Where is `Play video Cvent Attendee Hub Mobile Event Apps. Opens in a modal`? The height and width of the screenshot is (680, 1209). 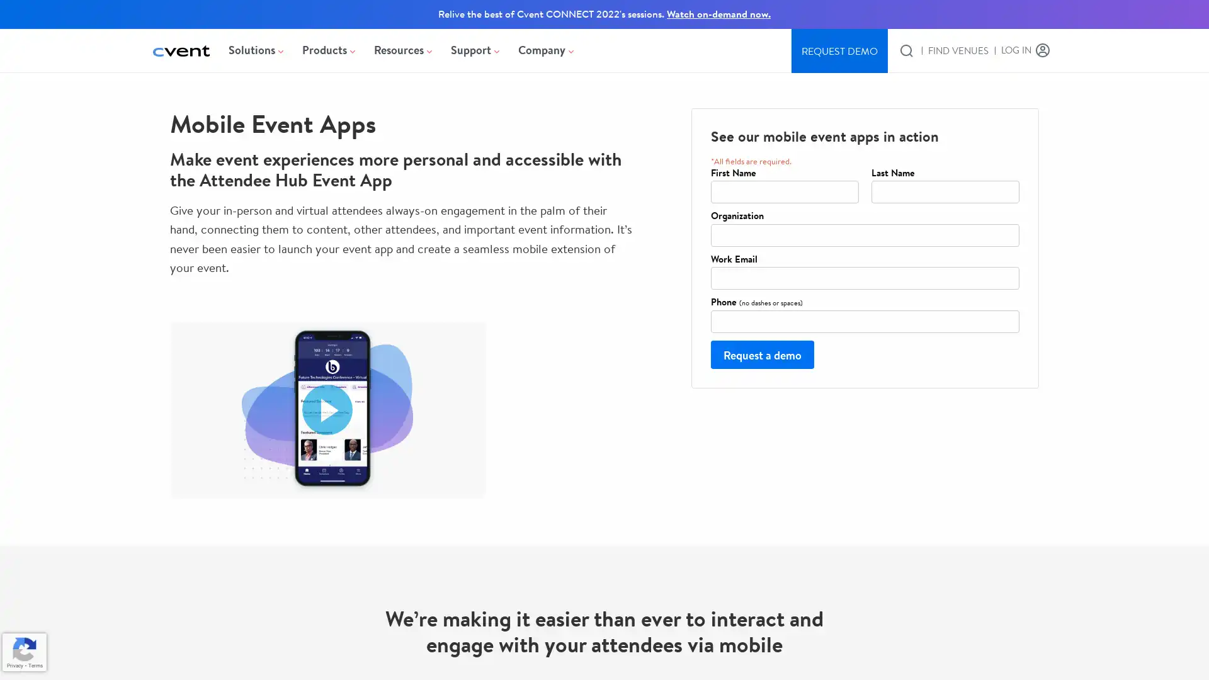 Play video Cvent Attendee Hub Mobile Event Apps. Opens in a modal is located at coordinates (327, 410).